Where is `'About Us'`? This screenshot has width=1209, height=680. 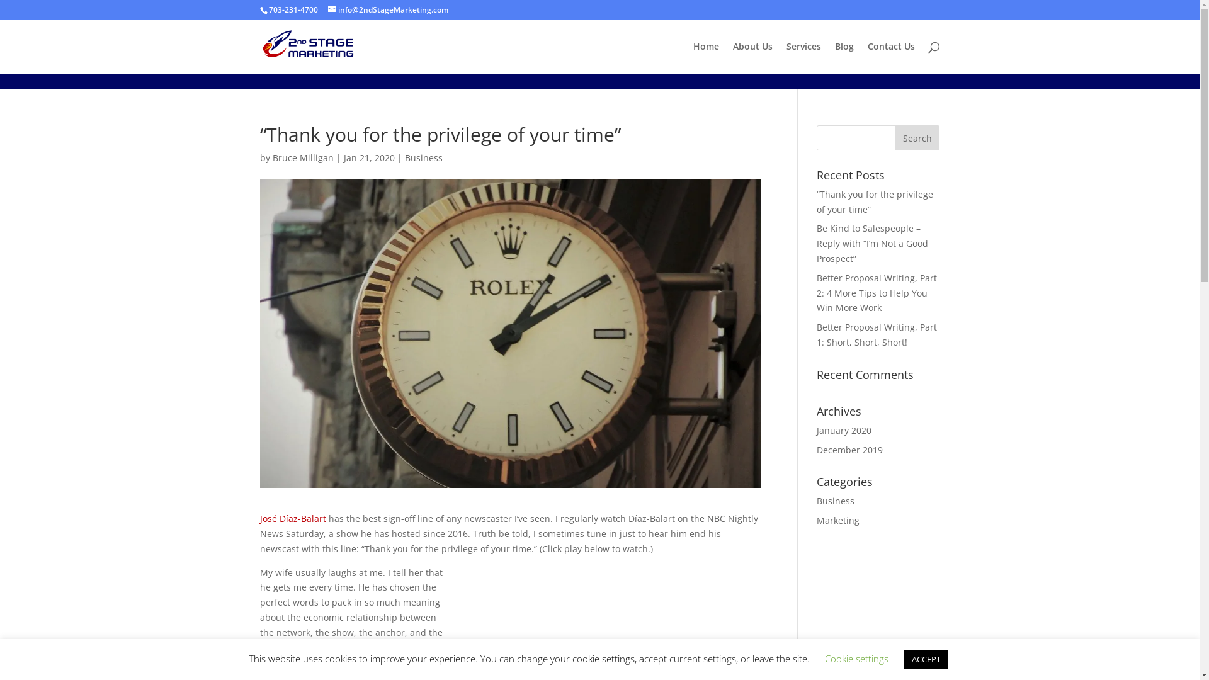
'About Us' is located at coordinates (752, 58).